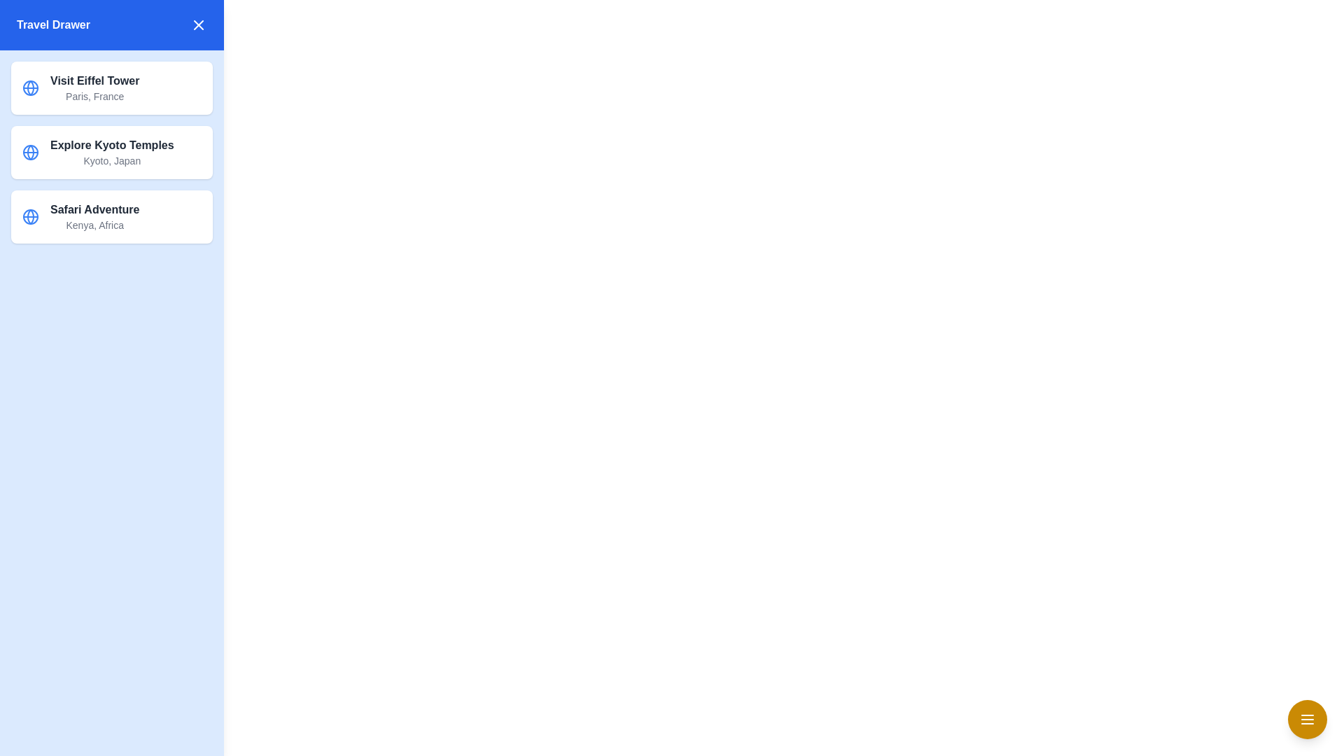 The height and width of the screenshot is (756, 1344). I want to click on the 'Travel Drawer' label text, which is a bolded white font on a blue background located in the top header bar of the drawer interface, so click(53, 24).